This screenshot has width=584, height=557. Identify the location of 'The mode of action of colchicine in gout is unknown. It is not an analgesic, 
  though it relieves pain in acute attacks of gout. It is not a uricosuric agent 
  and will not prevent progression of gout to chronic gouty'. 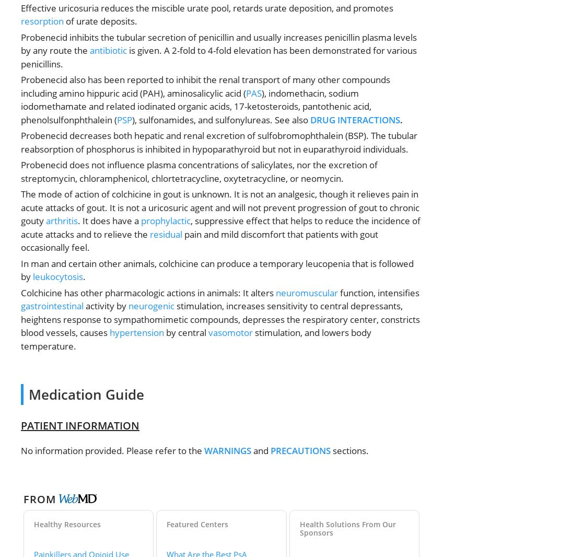
(219, 207).